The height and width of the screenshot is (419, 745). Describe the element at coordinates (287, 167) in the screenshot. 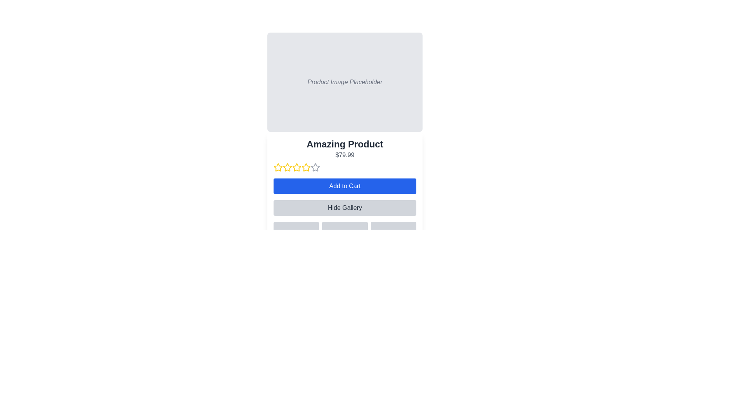

I see `the second star rating icon in the star rating system` at that location.